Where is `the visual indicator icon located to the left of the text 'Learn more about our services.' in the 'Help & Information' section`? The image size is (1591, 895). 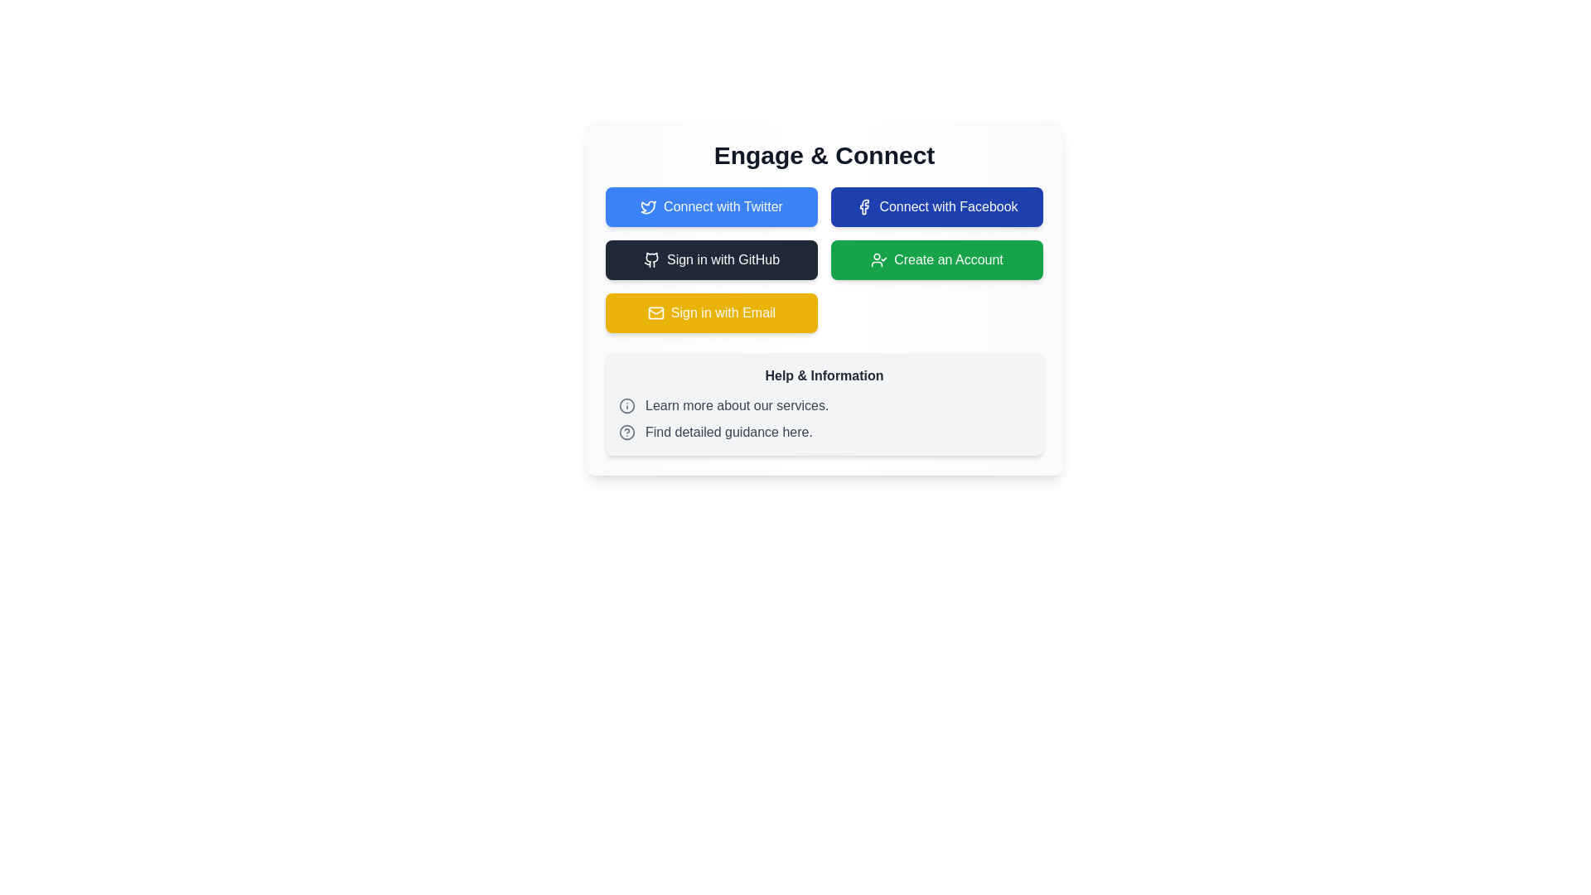 the visual indicator icon located to the left of the text 'Learn more about our services.' in the 'Help & Information' section is located at coordinates (626, 405).